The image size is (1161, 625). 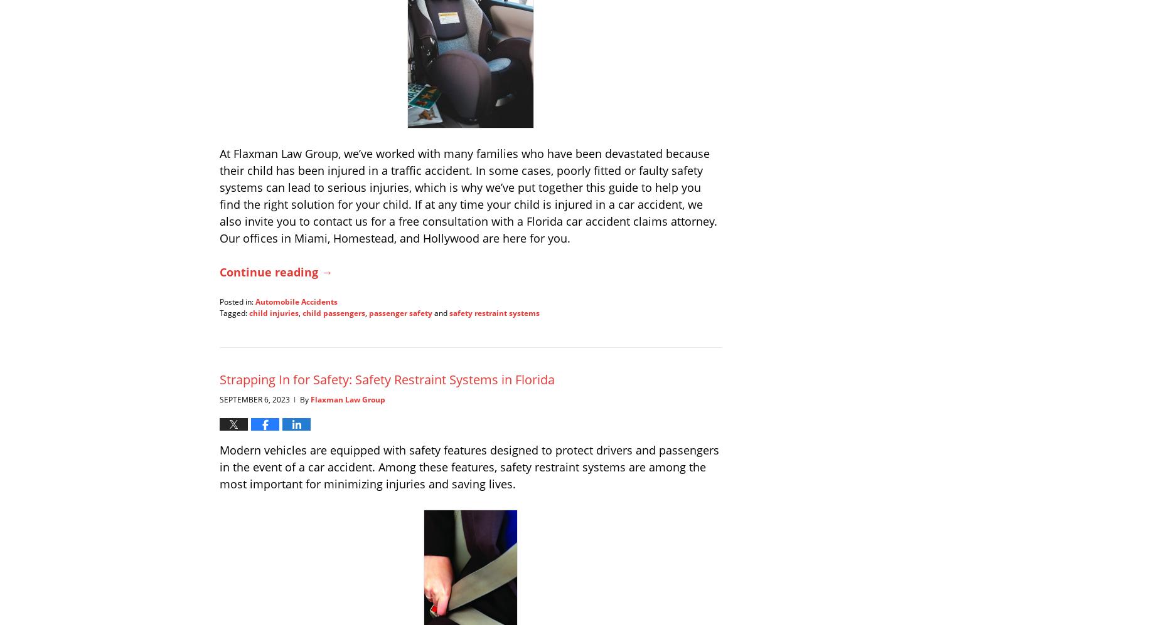 I want to click on 'Posted in:', so click(x=219, y=301).